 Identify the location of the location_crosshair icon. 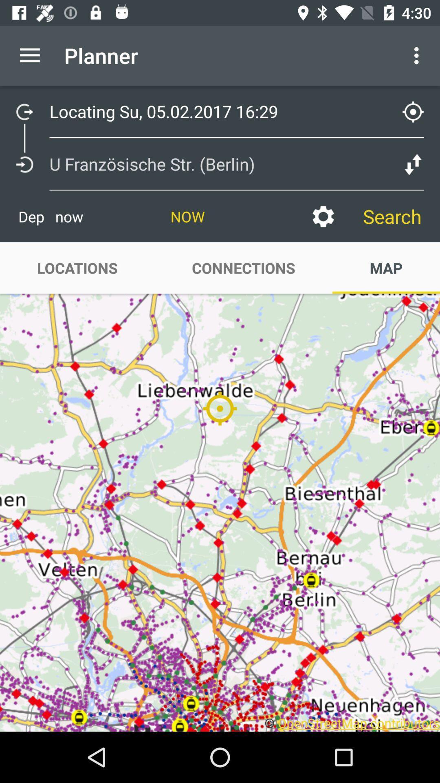
(413, 111).